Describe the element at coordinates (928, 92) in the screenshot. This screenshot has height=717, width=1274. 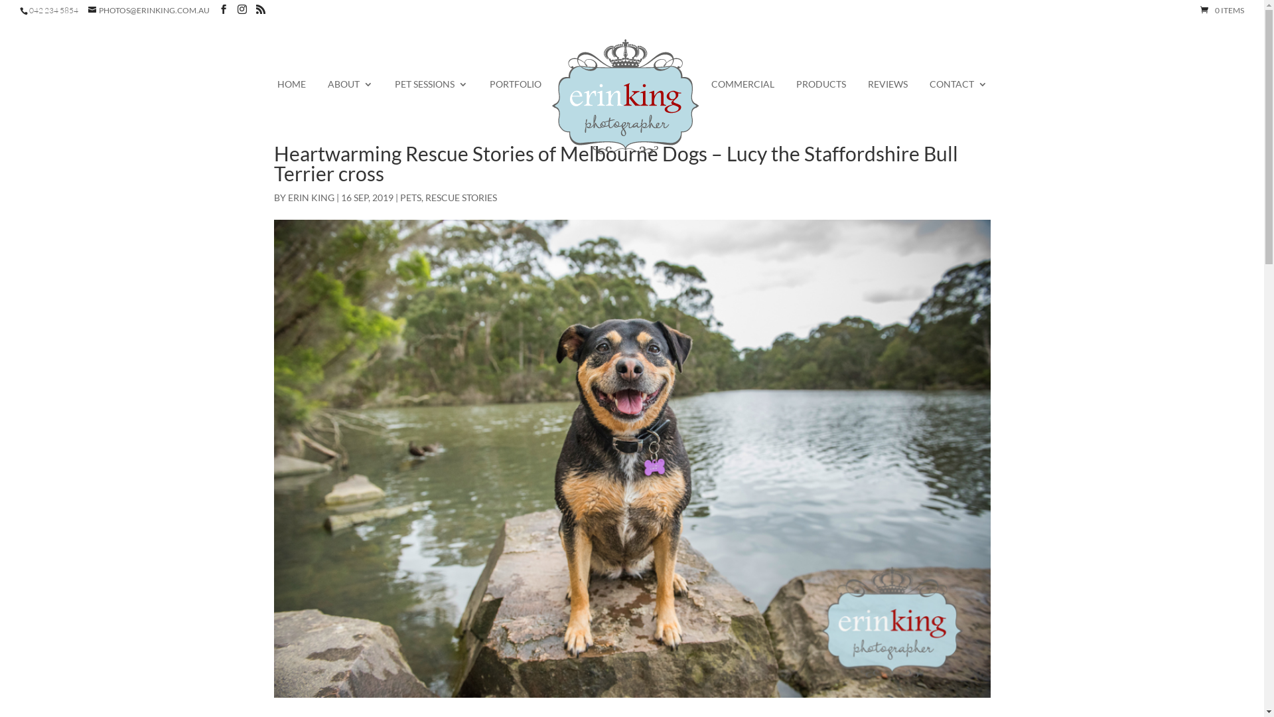
I see `'CONTACT'` at that location.